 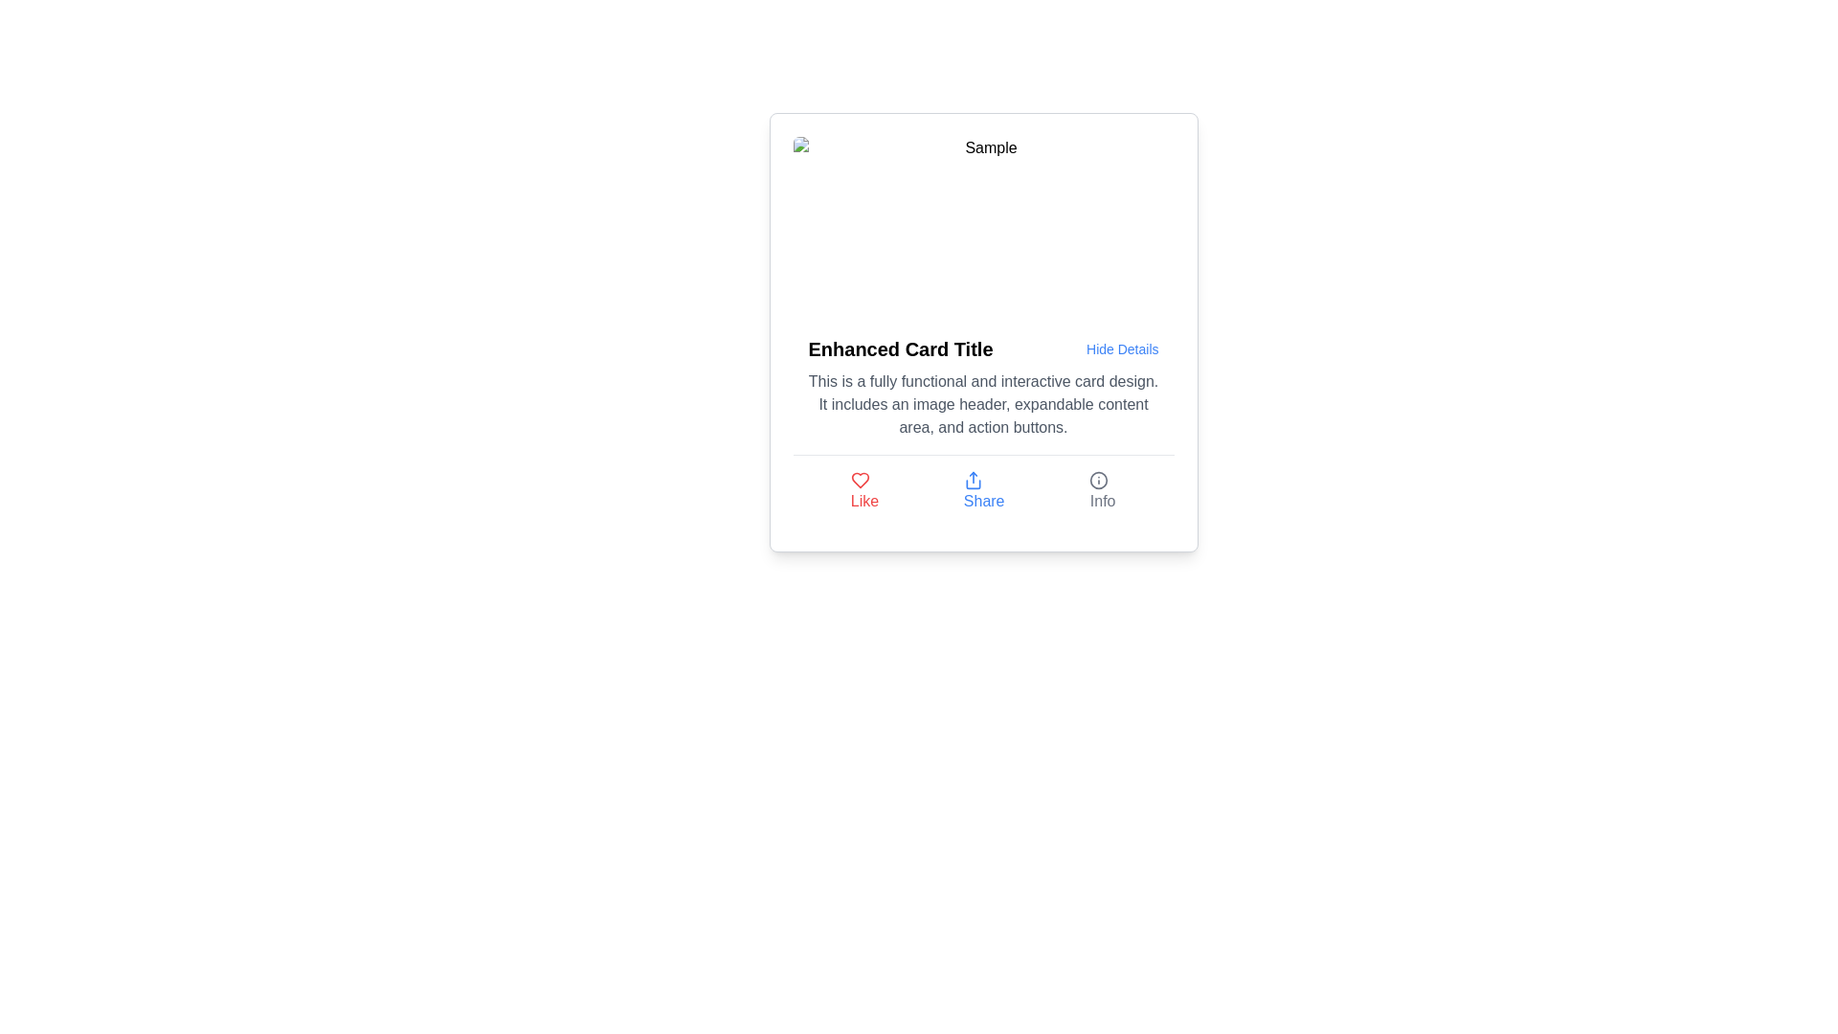 I want to click on title 'Enhanced Card Title' located in the header of the card component to understand the topic, so click(x=983, y=349).